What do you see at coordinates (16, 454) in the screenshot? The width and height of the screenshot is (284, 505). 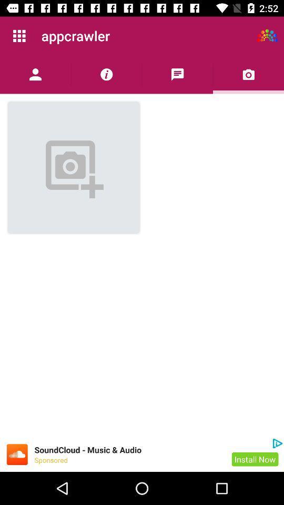 I see `advertisement page` at bounding box center [16, 454].